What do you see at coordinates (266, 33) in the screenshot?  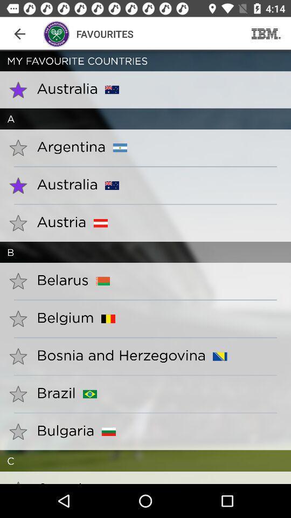 I see `the date_range icon` at bounding box center [266, 33].